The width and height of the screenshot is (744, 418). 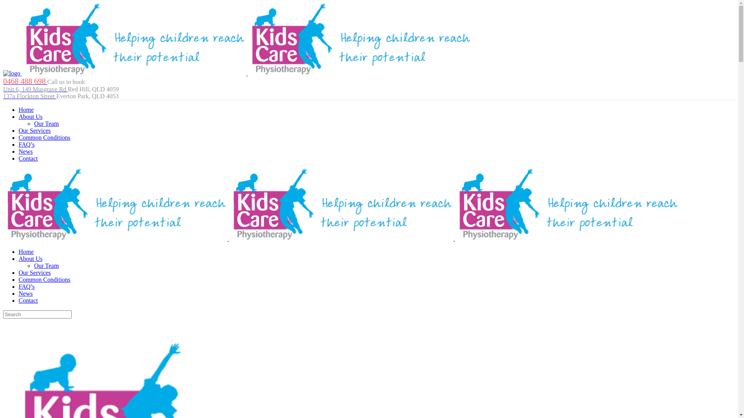 I want to click on 'News', so click(x=26, y=293).